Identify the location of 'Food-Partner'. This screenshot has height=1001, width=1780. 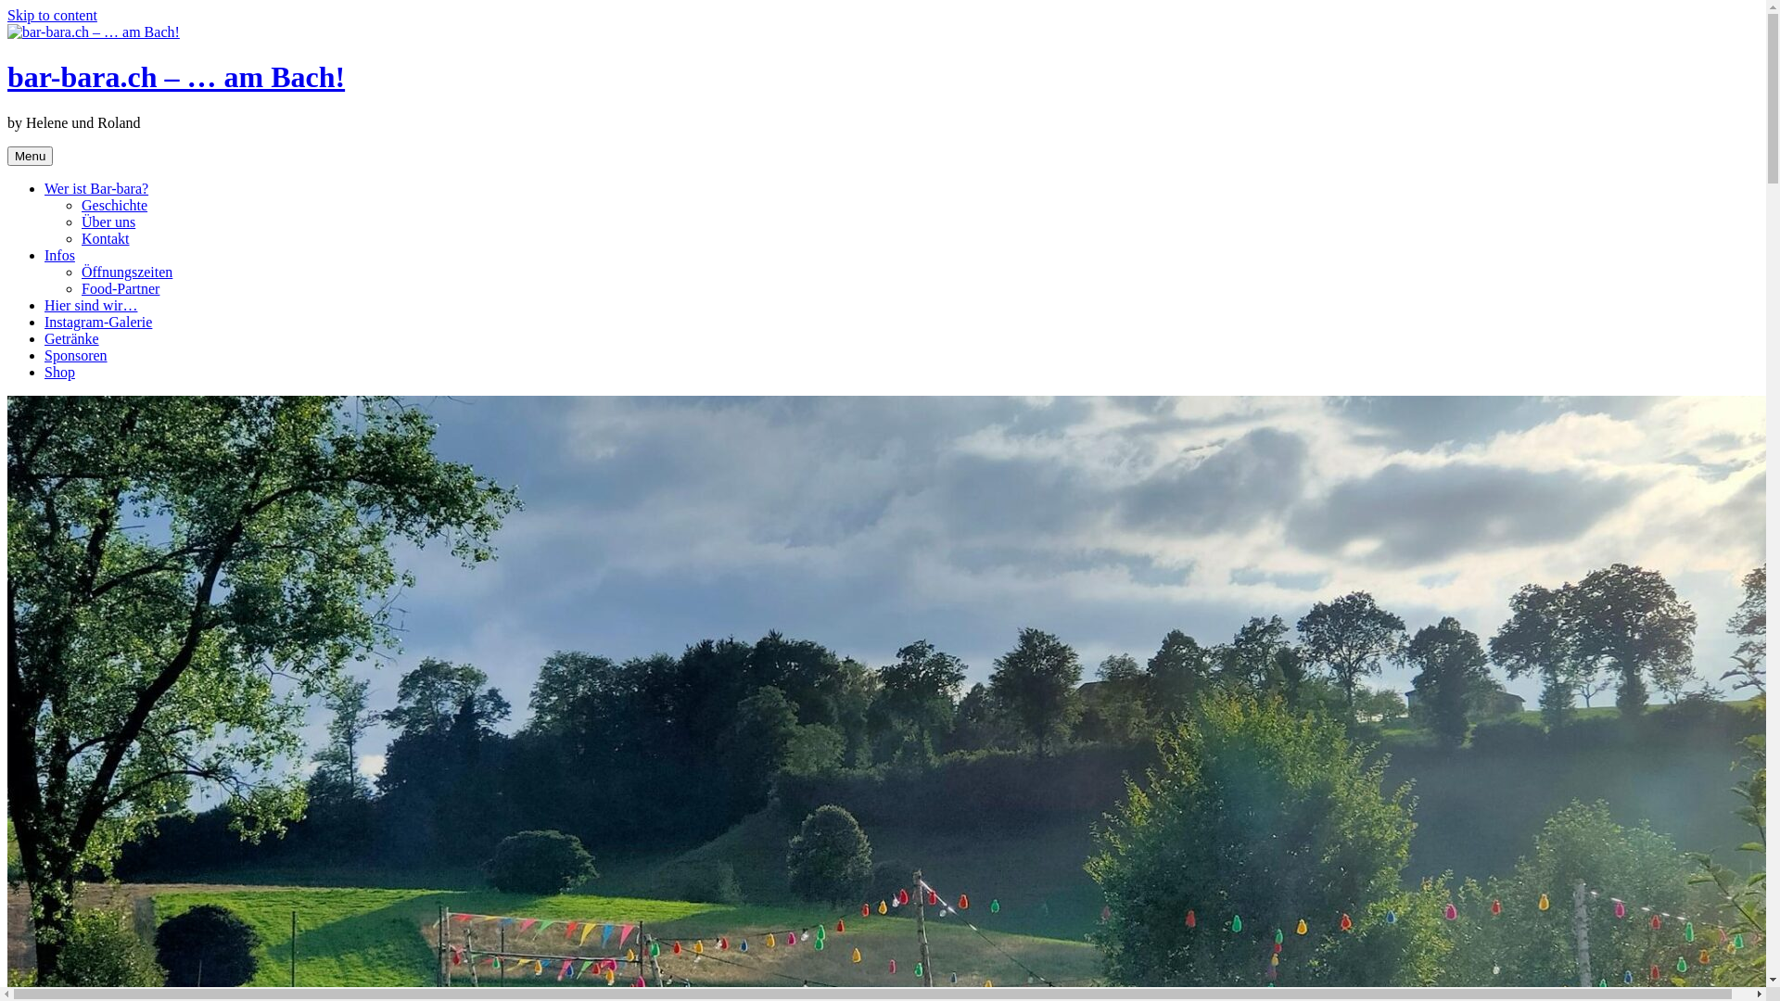
(119, 288).